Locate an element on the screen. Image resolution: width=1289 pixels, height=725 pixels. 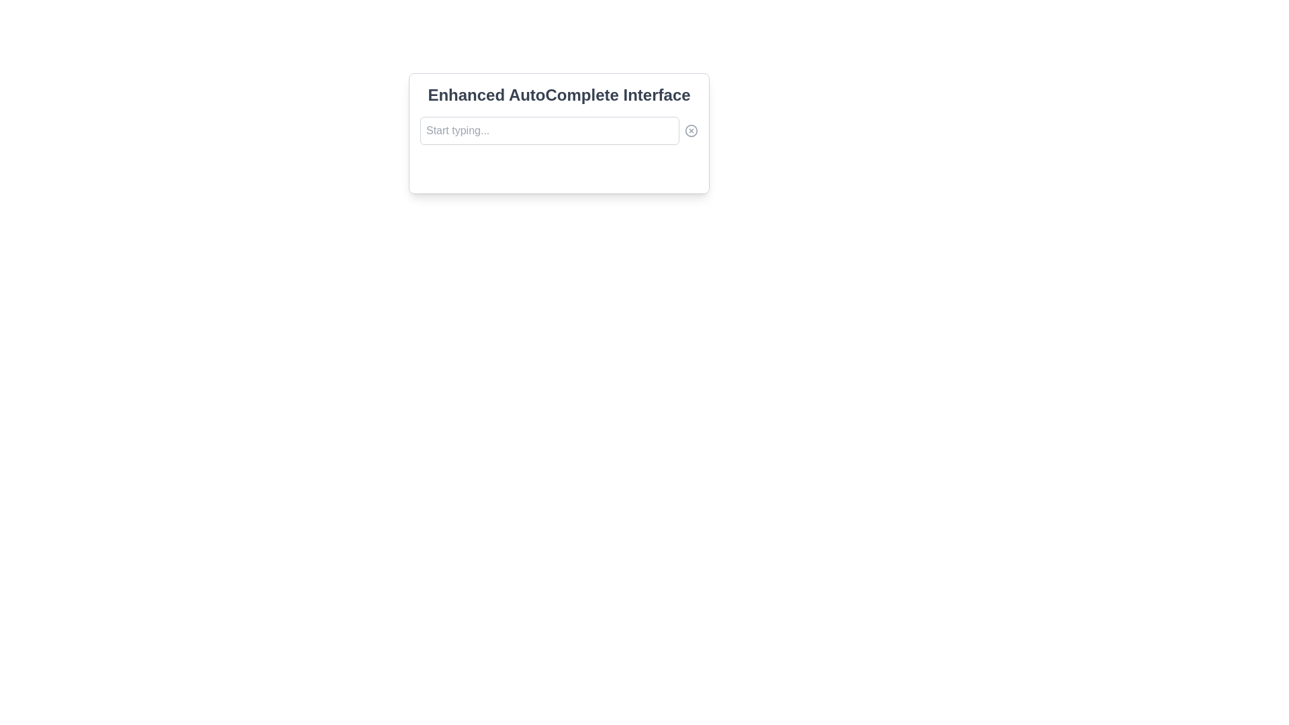
the SVG Circle element, which is a part of an icon located to the right of a text input field in the 'Enhanced AutoComplete Interface.' is located at coordinates (691, 131).